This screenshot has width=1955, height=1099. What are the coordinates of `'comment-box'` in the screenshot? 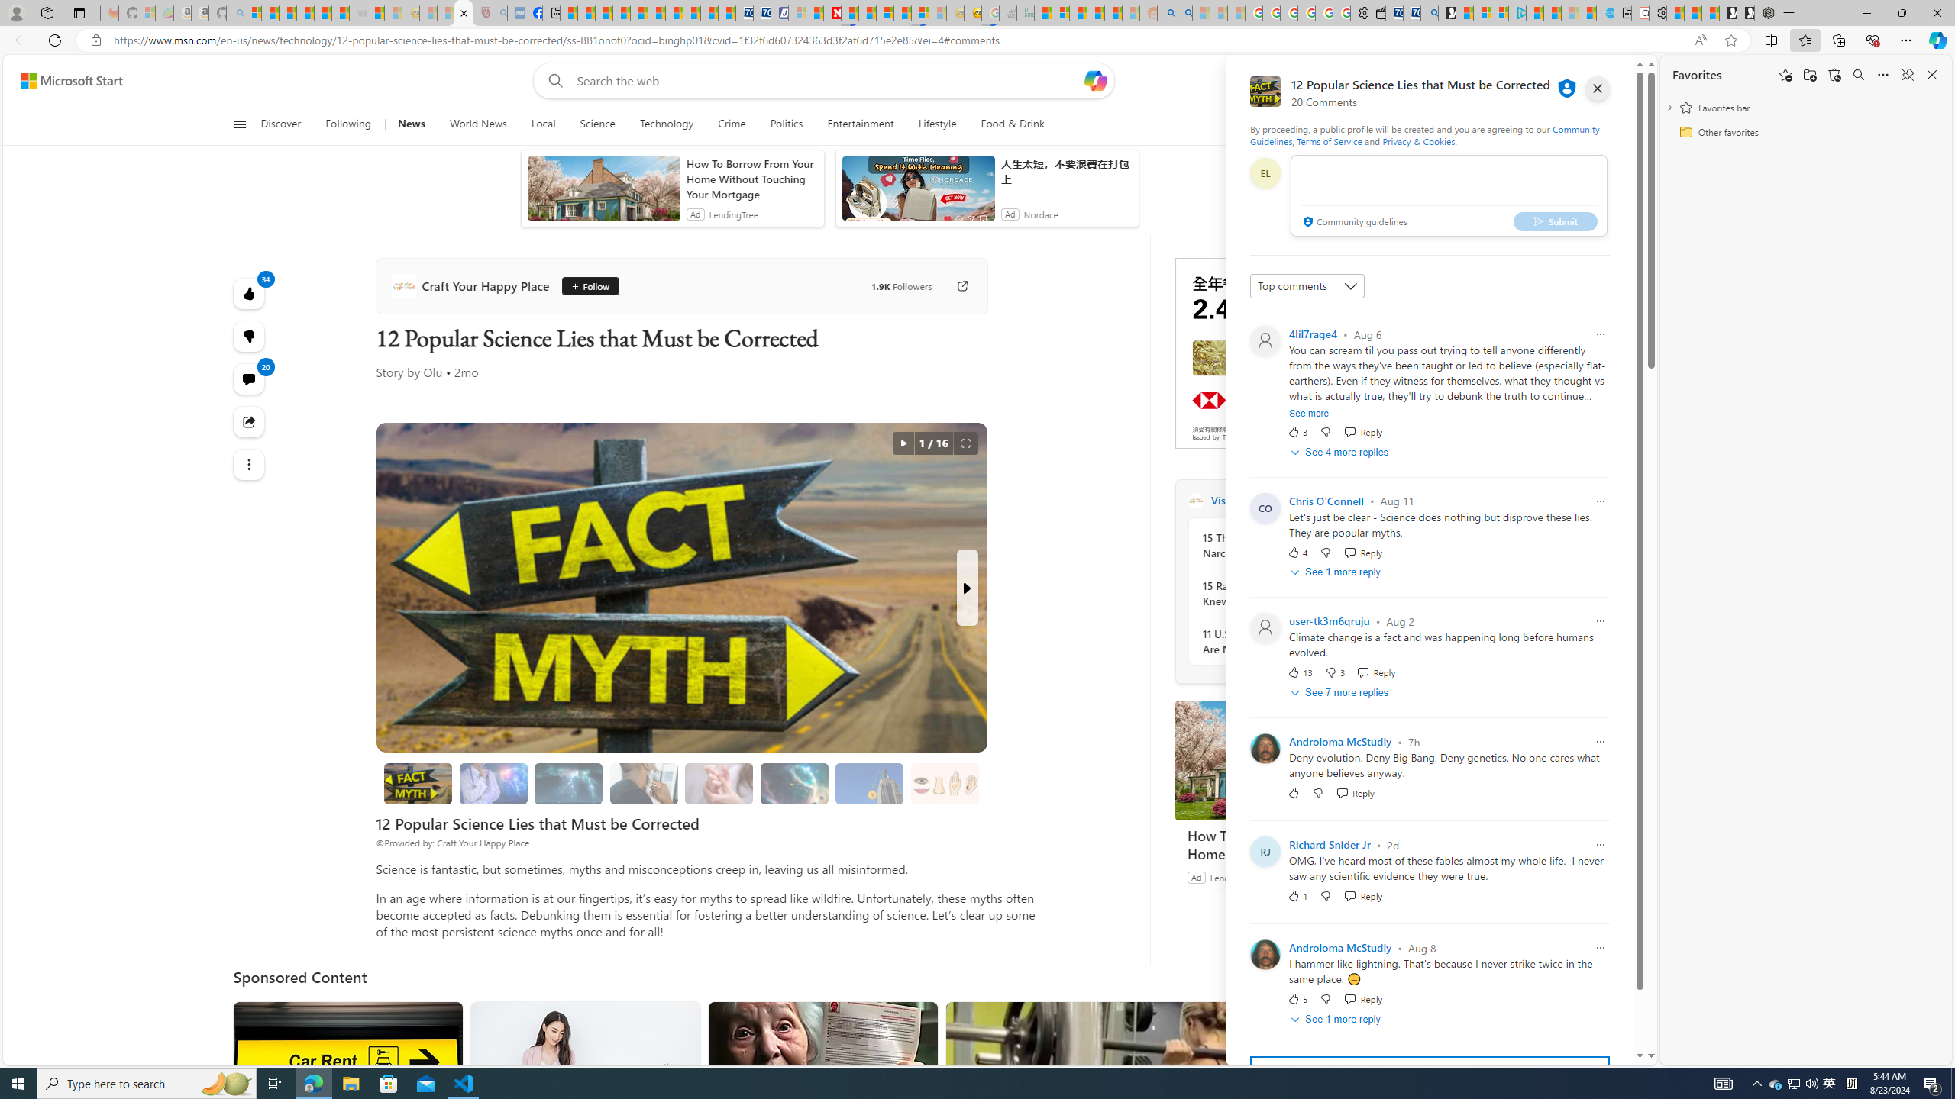 It's located at (1447, 195).